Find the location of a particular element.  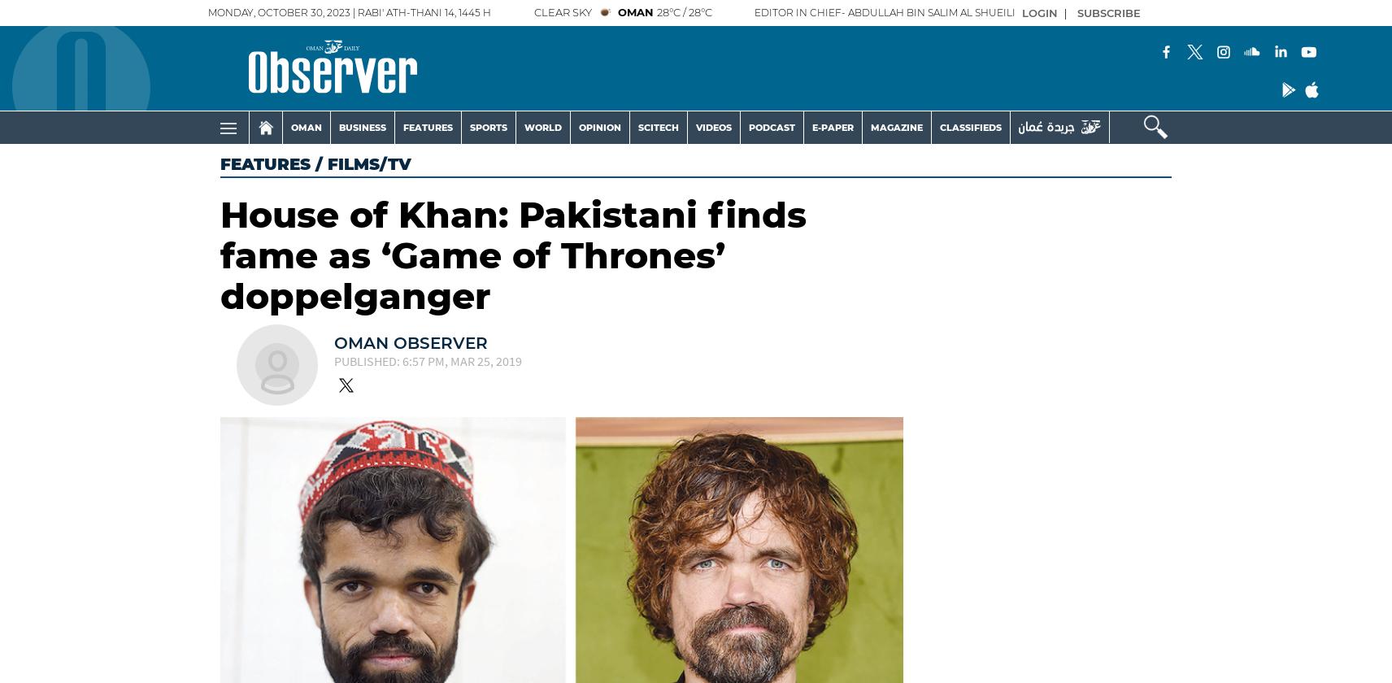

'SCITECH' is located at coordinates (658, 127).